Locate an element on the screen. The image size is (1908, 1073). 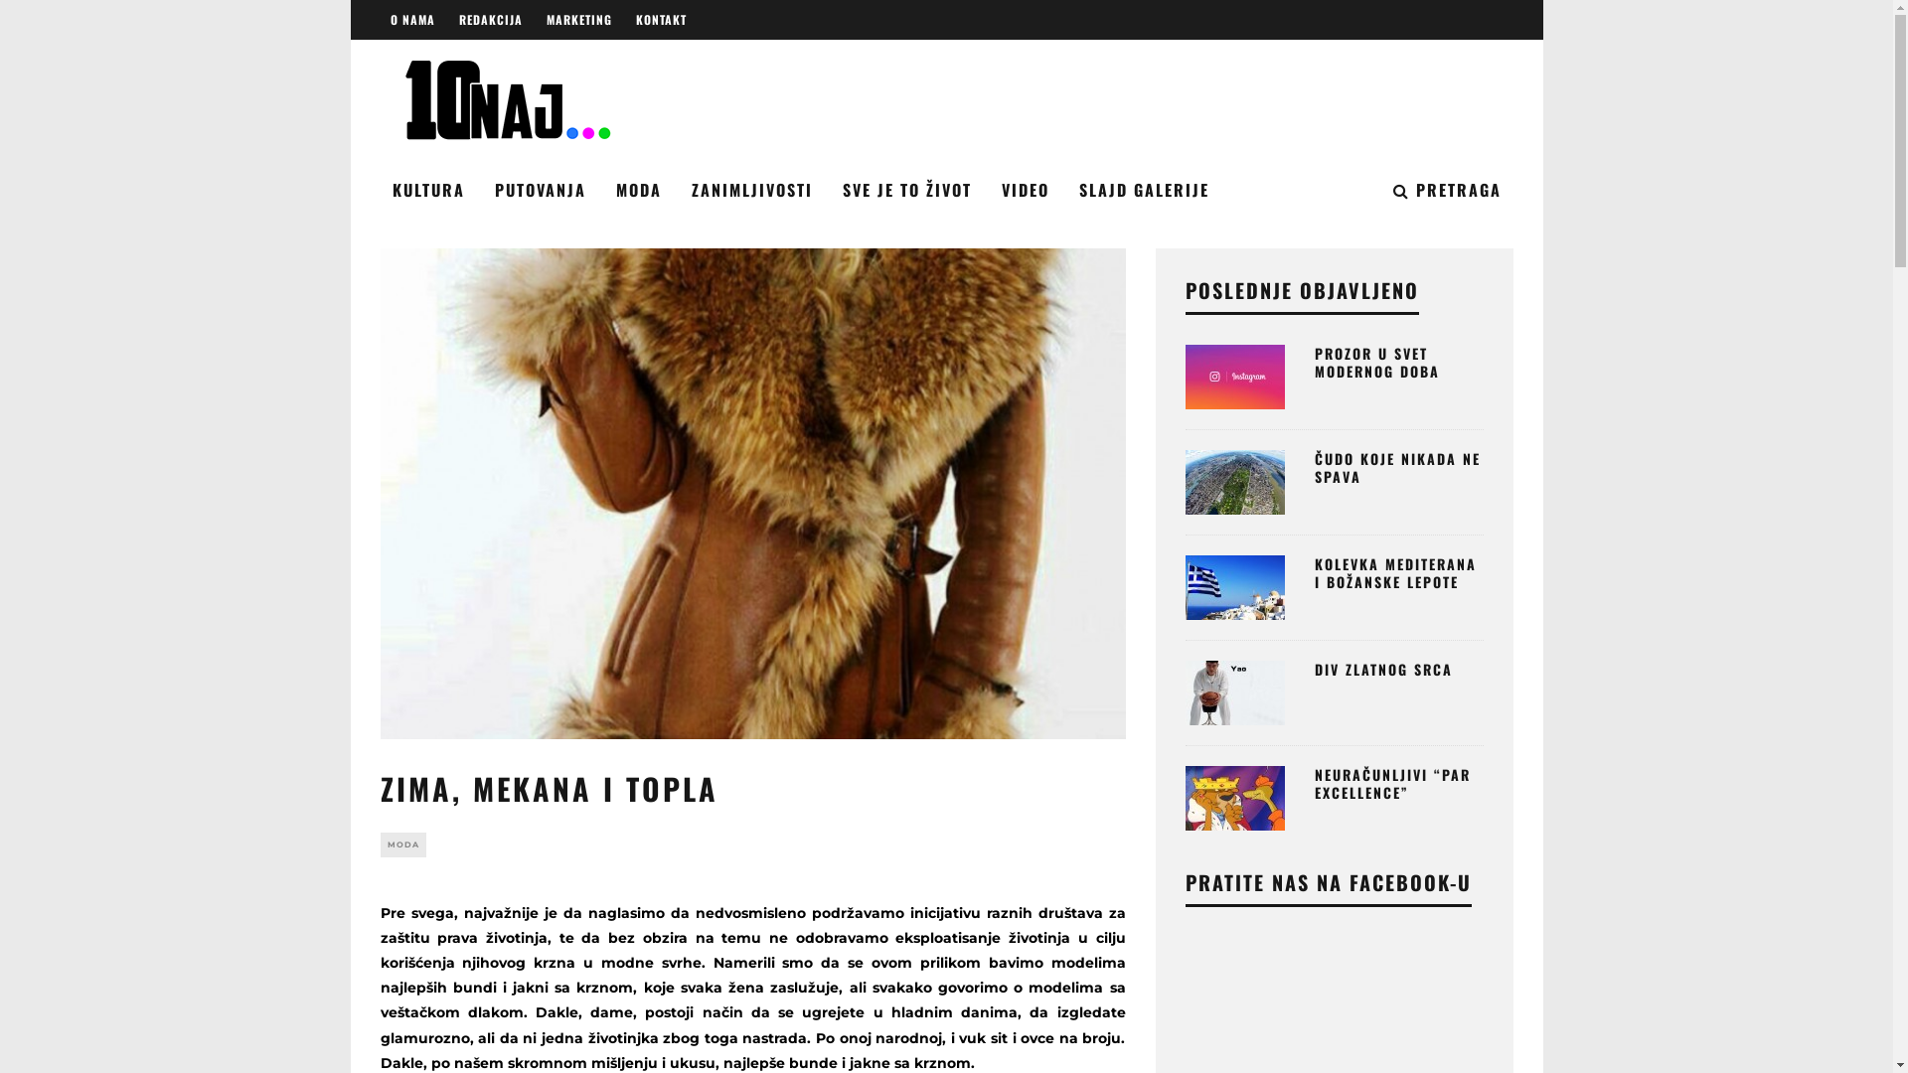
'SLAJD GALERIJE' is located at coordinates (1144, 190).